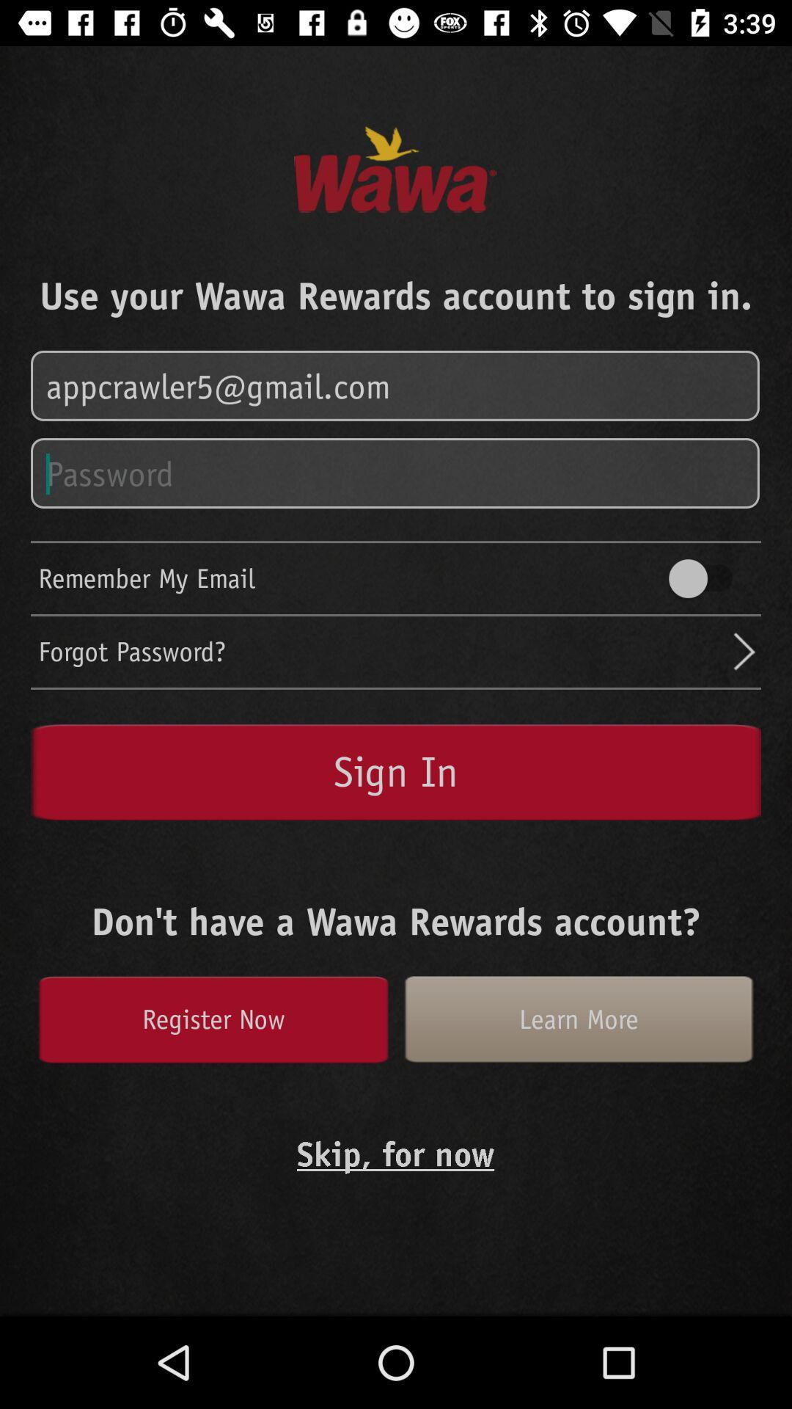 The image size is (792, 1409). What do you see at coordinates (396, 171) in the screenshot?
I see `the text wawa which is in the middle of page` at bounding box center [396, 171].